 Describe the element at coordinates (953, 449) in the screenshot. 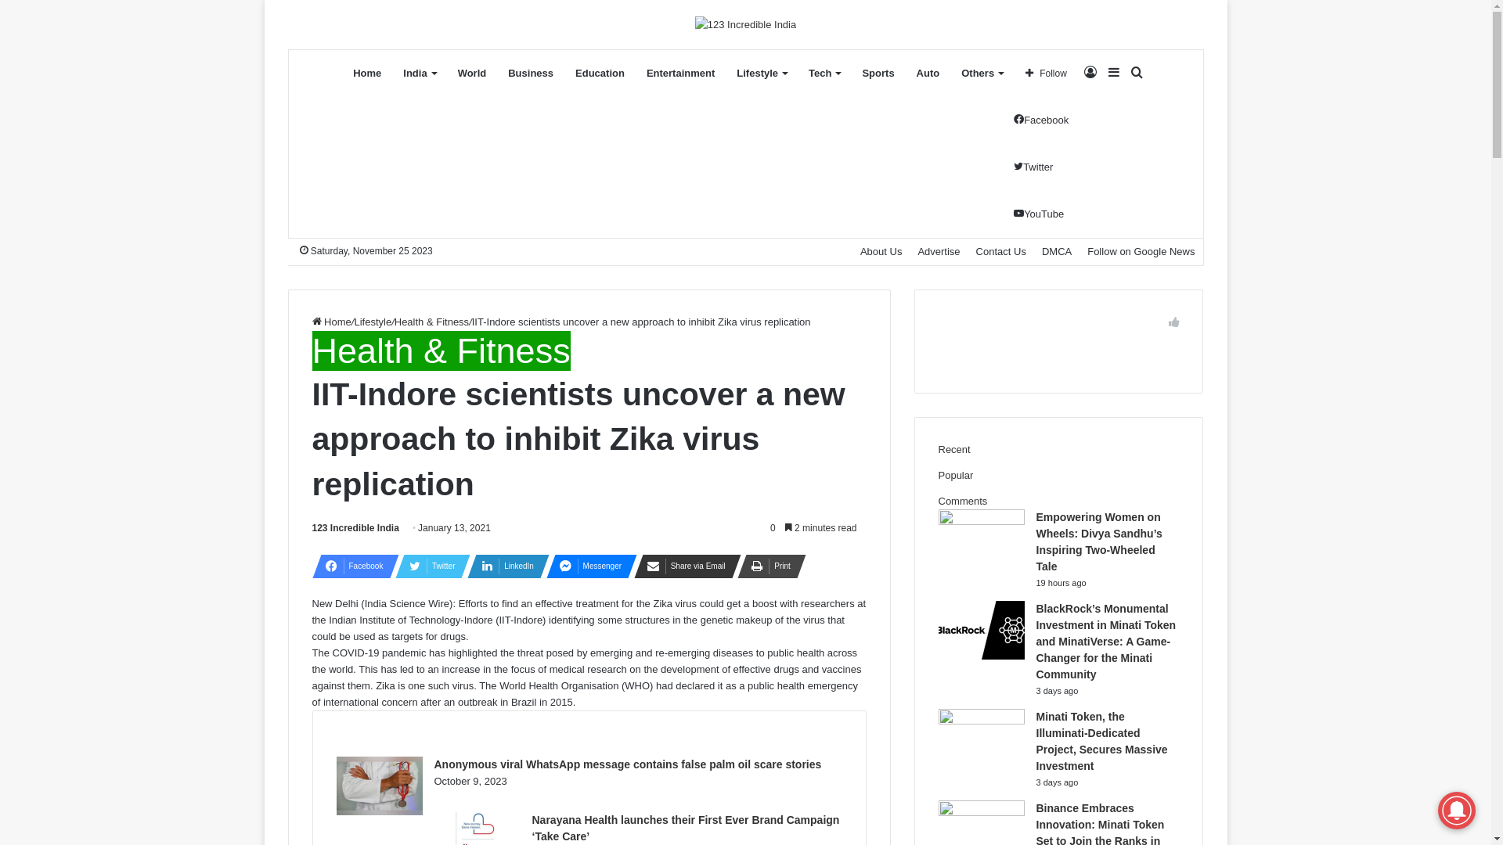

I see `'Recent'` at that location.